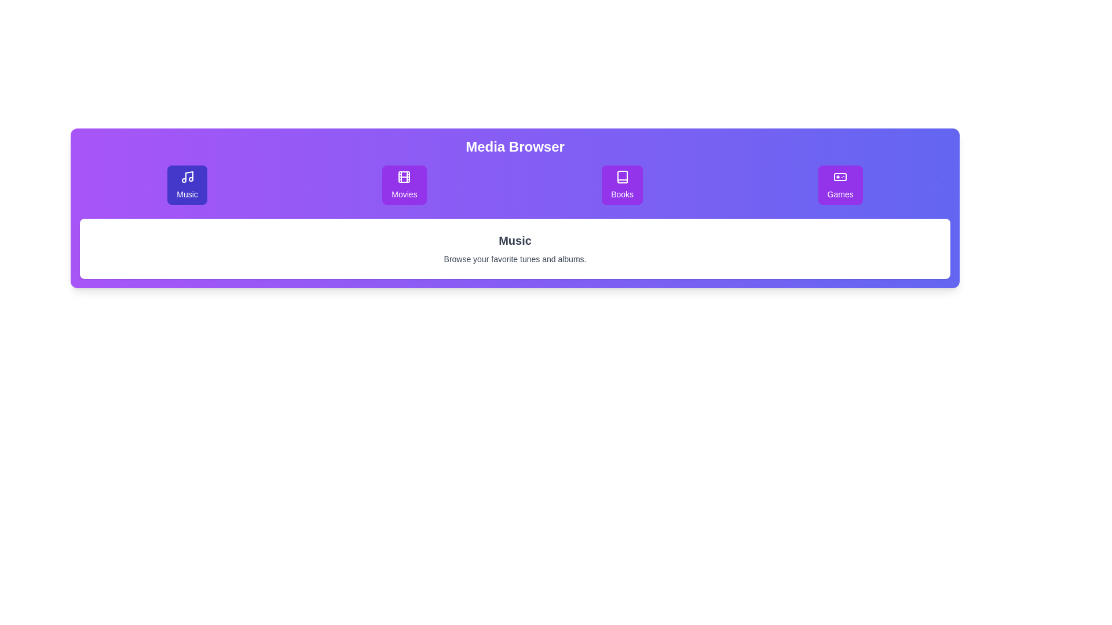  What do you see at coordinates (621, 177) in the screenshot?
I see `the stylized book icon located in the top navigation area, which is the third icon from the left in the row of icons and is centered relative to the 'Media Browser' title` at bounding box center [621, 177].